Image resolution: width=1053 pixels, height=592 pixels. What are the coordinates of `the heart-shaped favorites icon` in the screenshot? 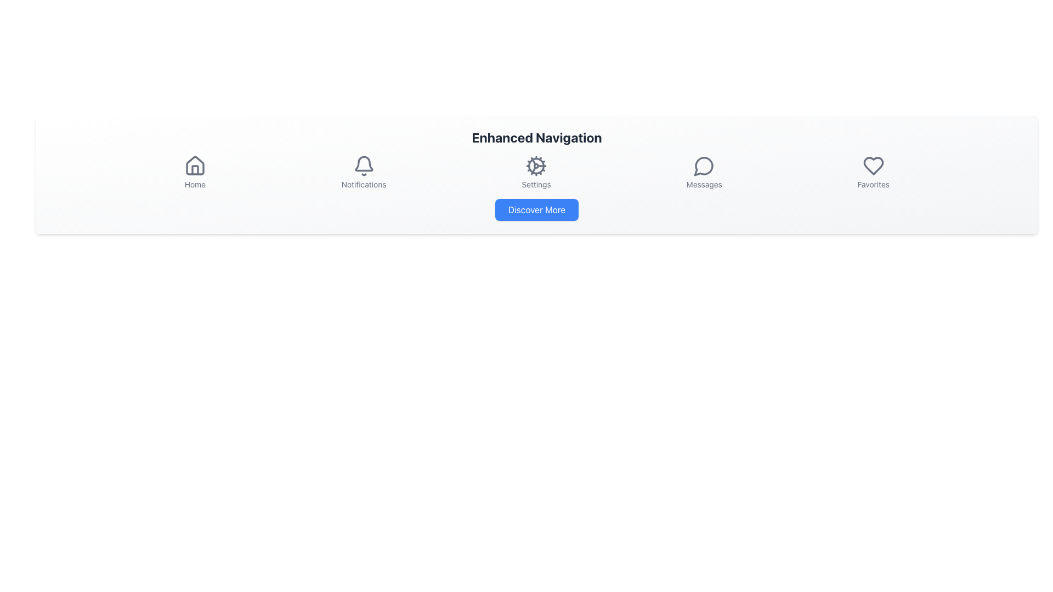 It's located at (873, 166).